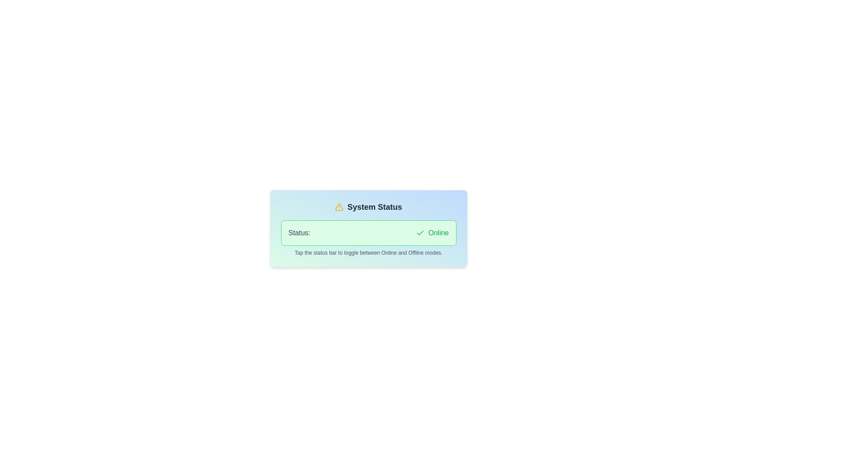  What do you see at coordinates (432, 232) in the screenshot?
I see `the informational text element displaying 'Online' with a green font and a green checkmark icon to its left` at bounding box center [432, 232].